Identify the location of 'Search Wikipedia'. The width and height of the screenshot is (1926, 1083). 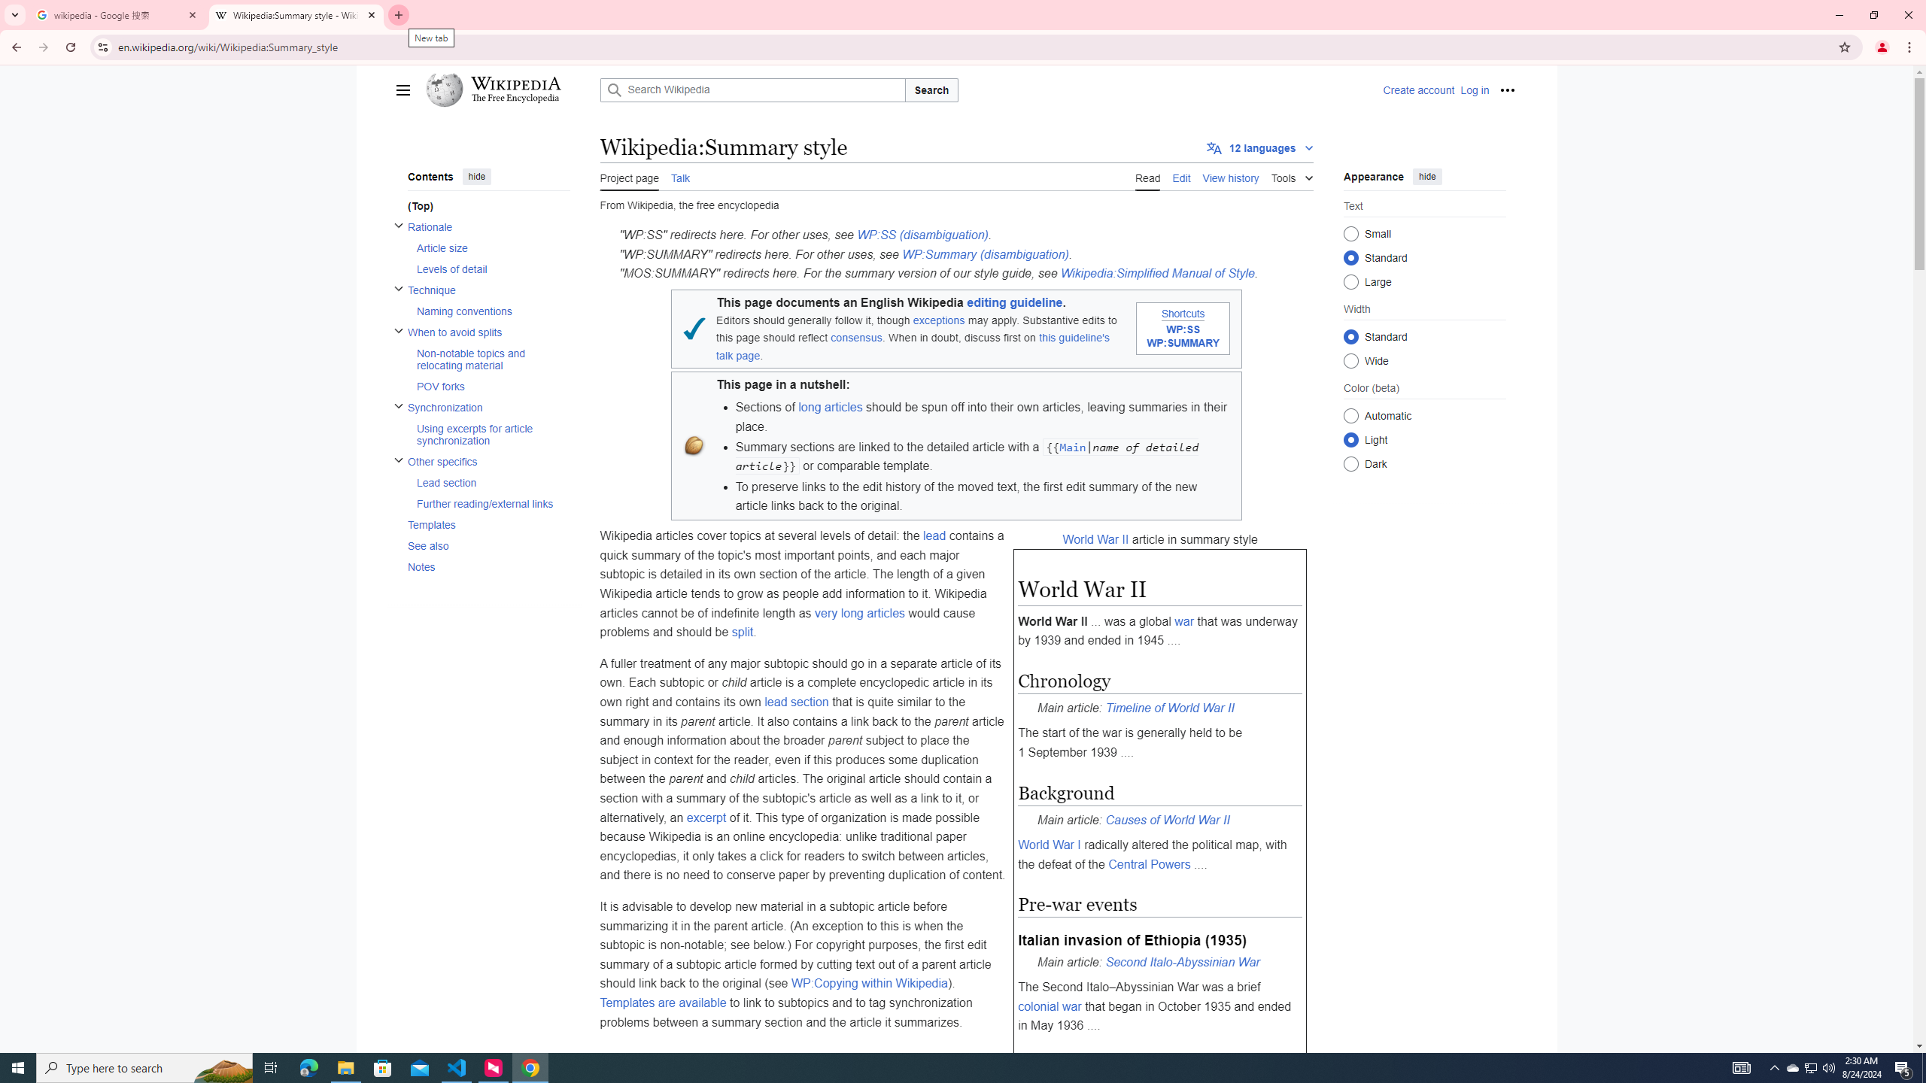
(751, 89).